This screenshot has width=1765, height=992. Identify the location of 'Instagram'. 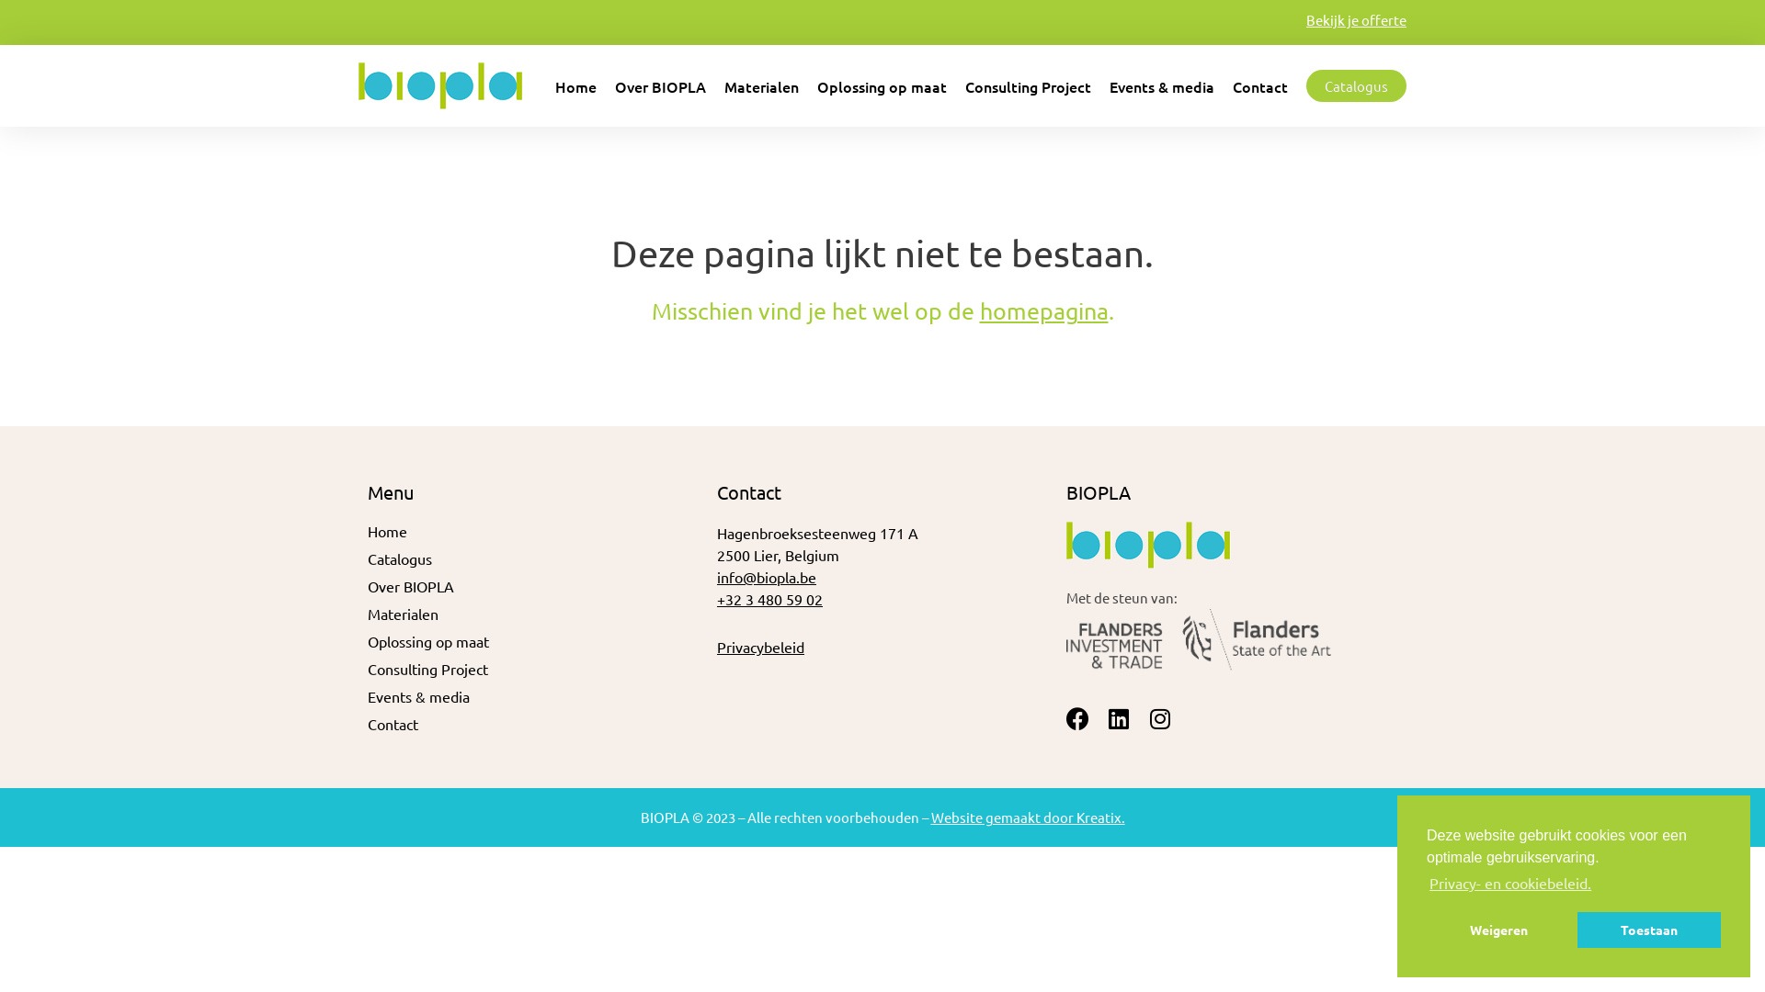
(1147, 717).